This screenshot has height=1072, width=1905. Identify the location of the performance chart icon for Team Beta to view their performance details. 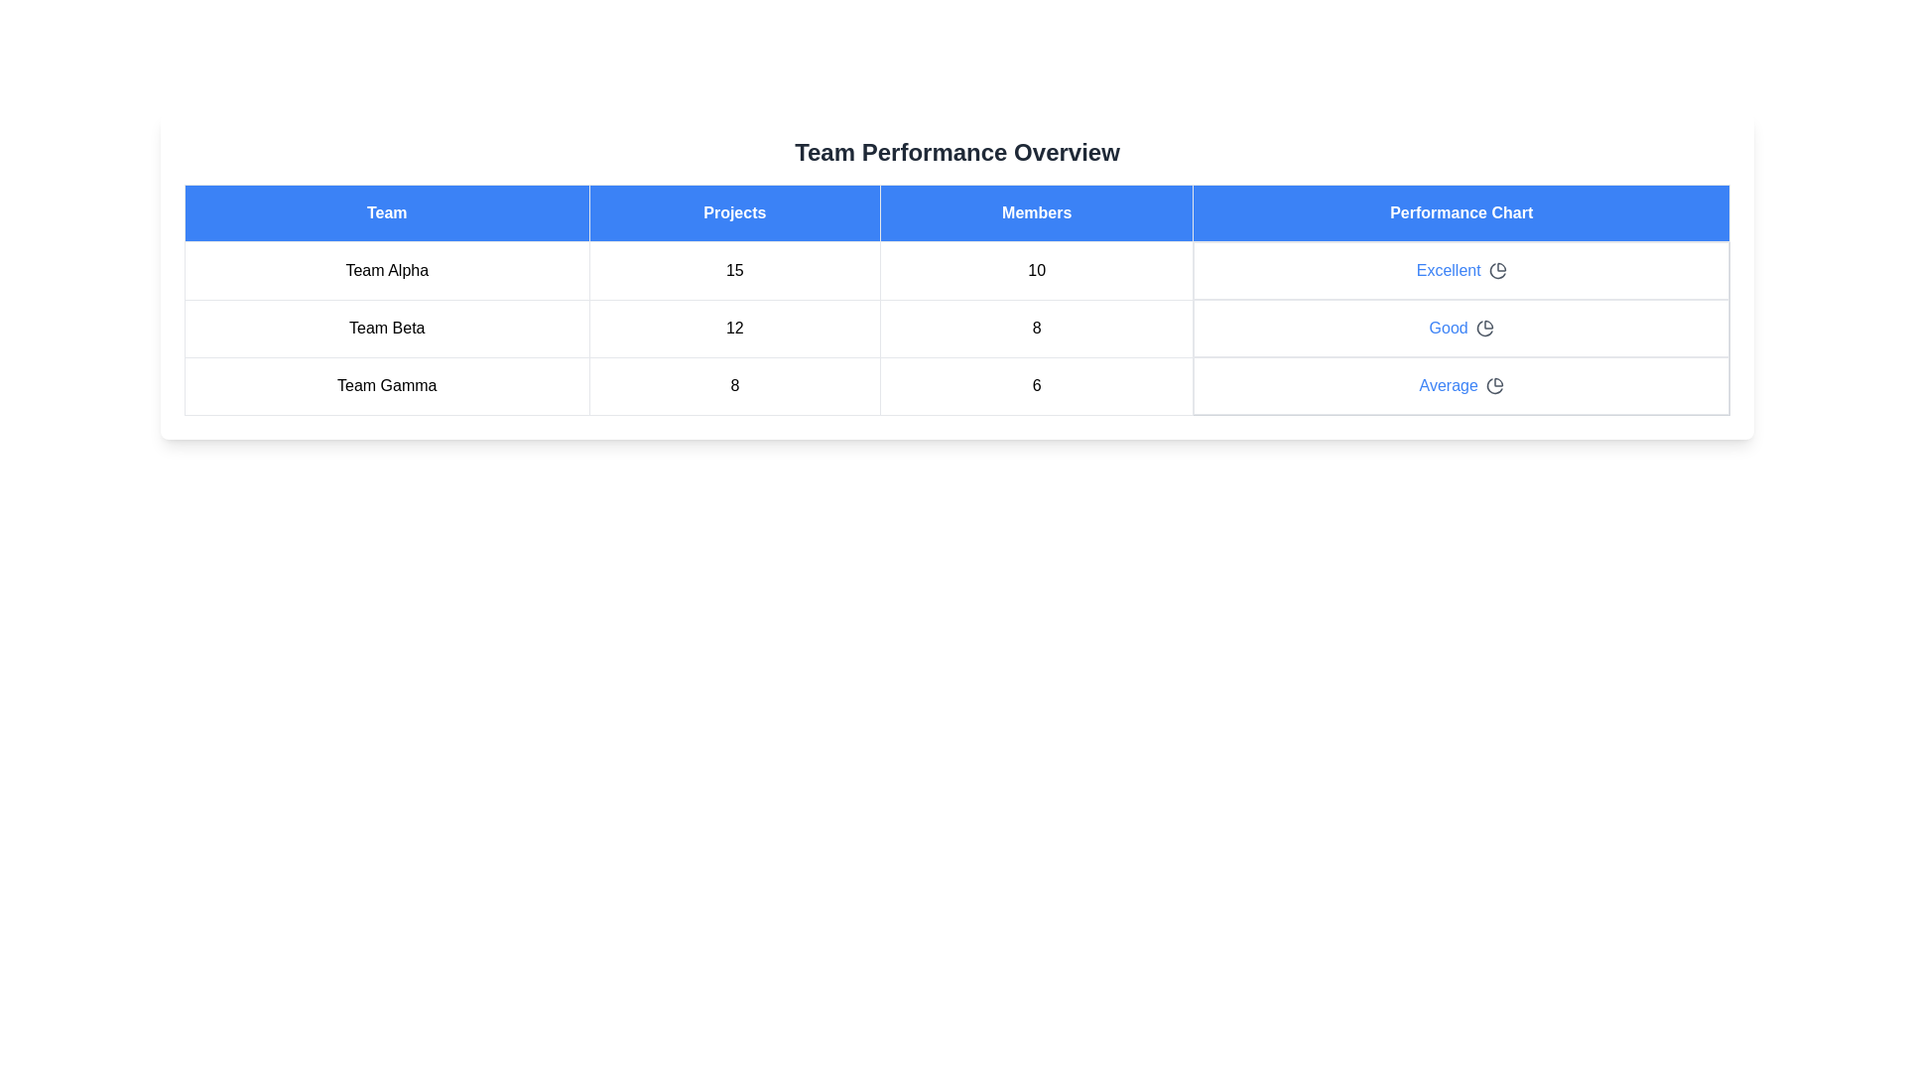
(1484, 328).